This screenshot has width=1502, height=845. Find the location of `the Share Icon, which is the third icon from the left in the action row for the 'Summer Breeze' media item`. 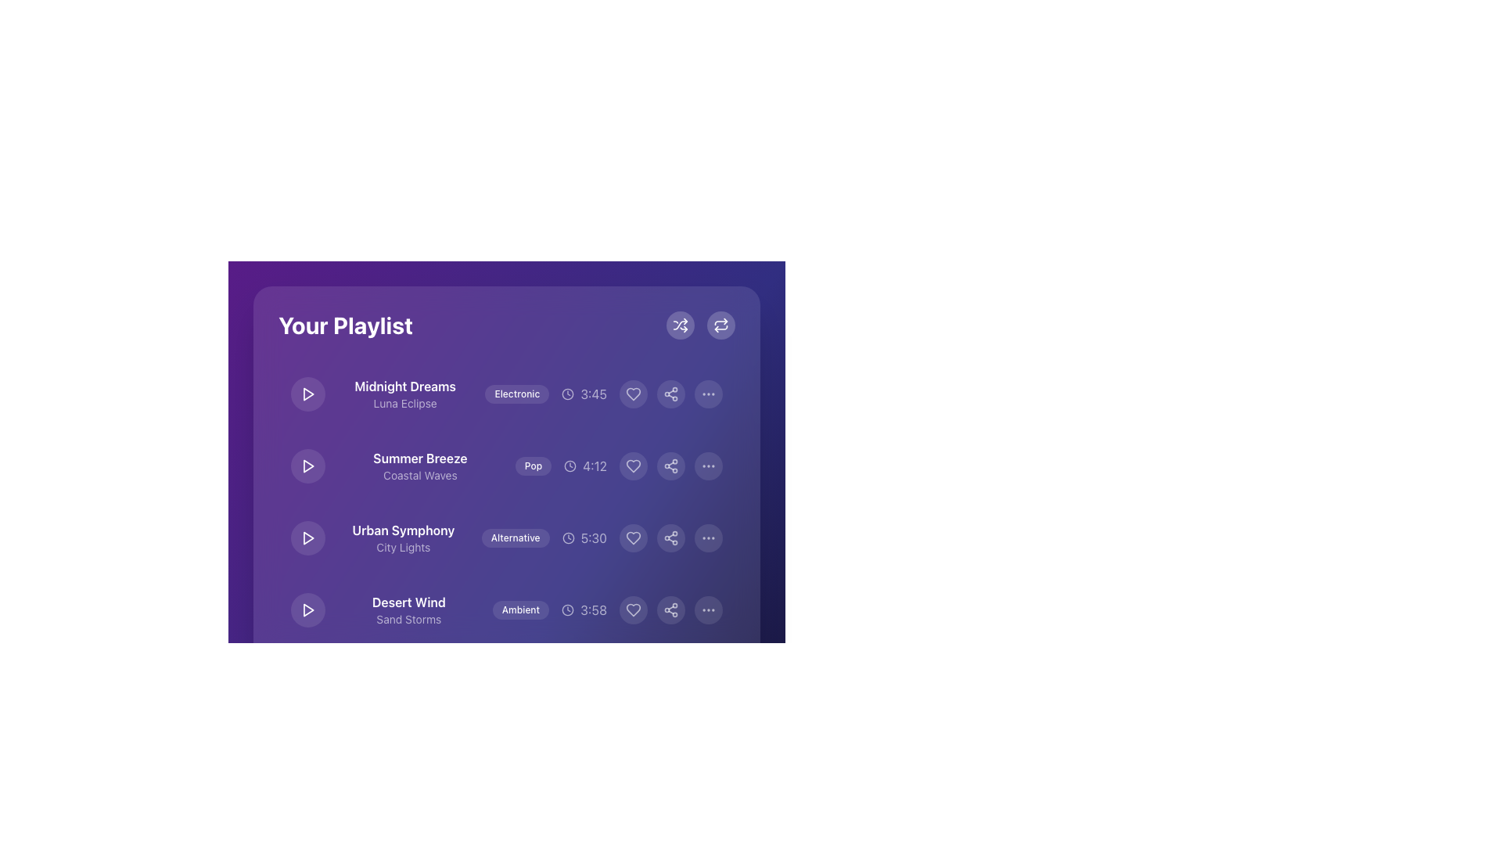

the Share Icon, which is the third icon from the left in the action row for the 'Summer Breeze' media item is located at coordinates (671, 466).